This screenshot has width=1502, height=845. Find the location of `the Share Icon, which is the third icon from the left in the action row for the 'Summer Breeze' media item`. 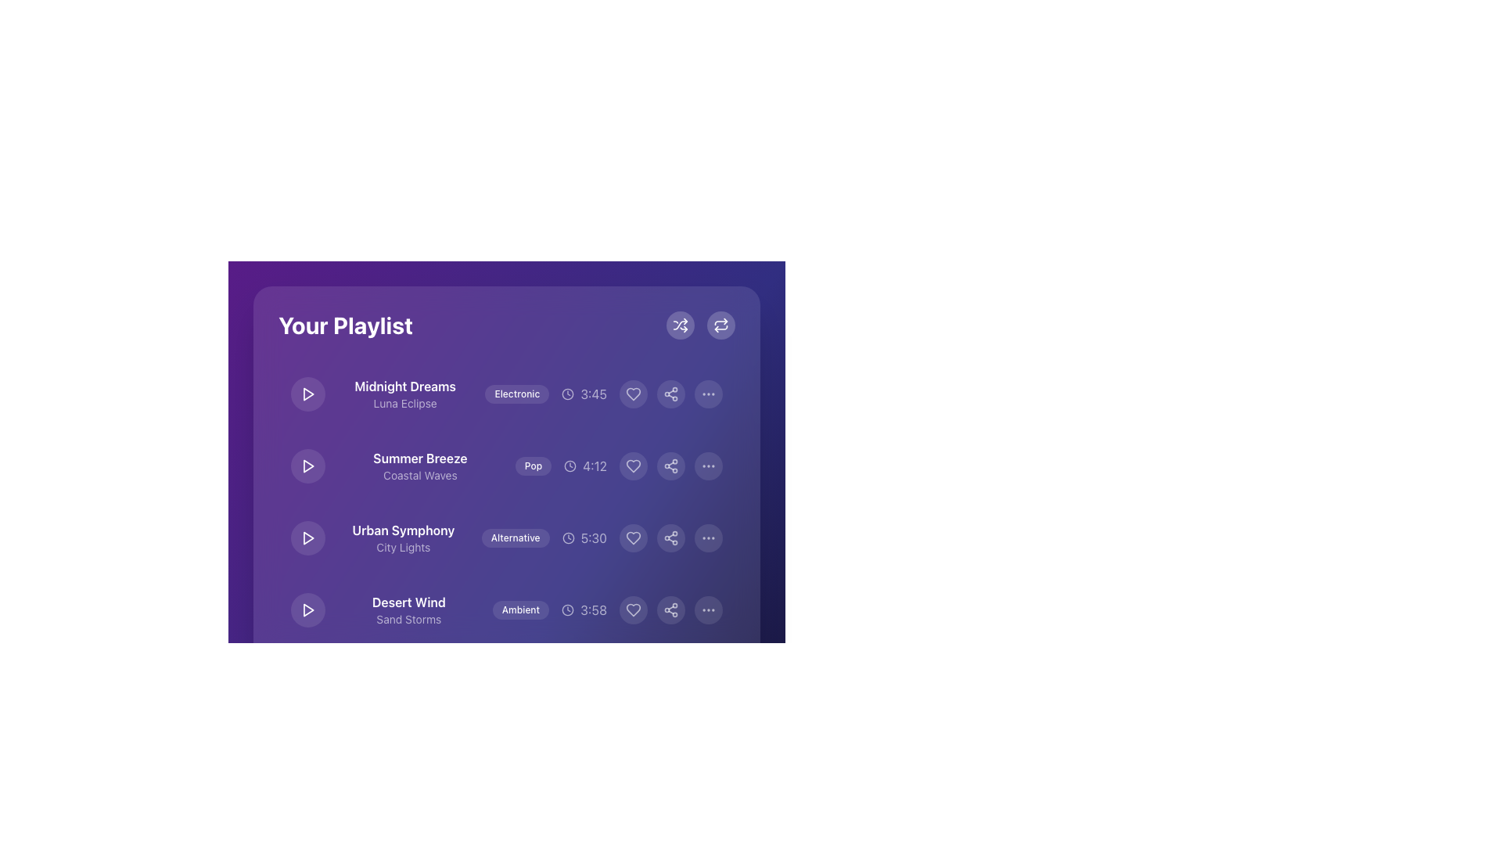

the Share Icon, which is the third icon from the left in the action row for the 'Summer Breeze' media item is located at coordinates (671, 466).